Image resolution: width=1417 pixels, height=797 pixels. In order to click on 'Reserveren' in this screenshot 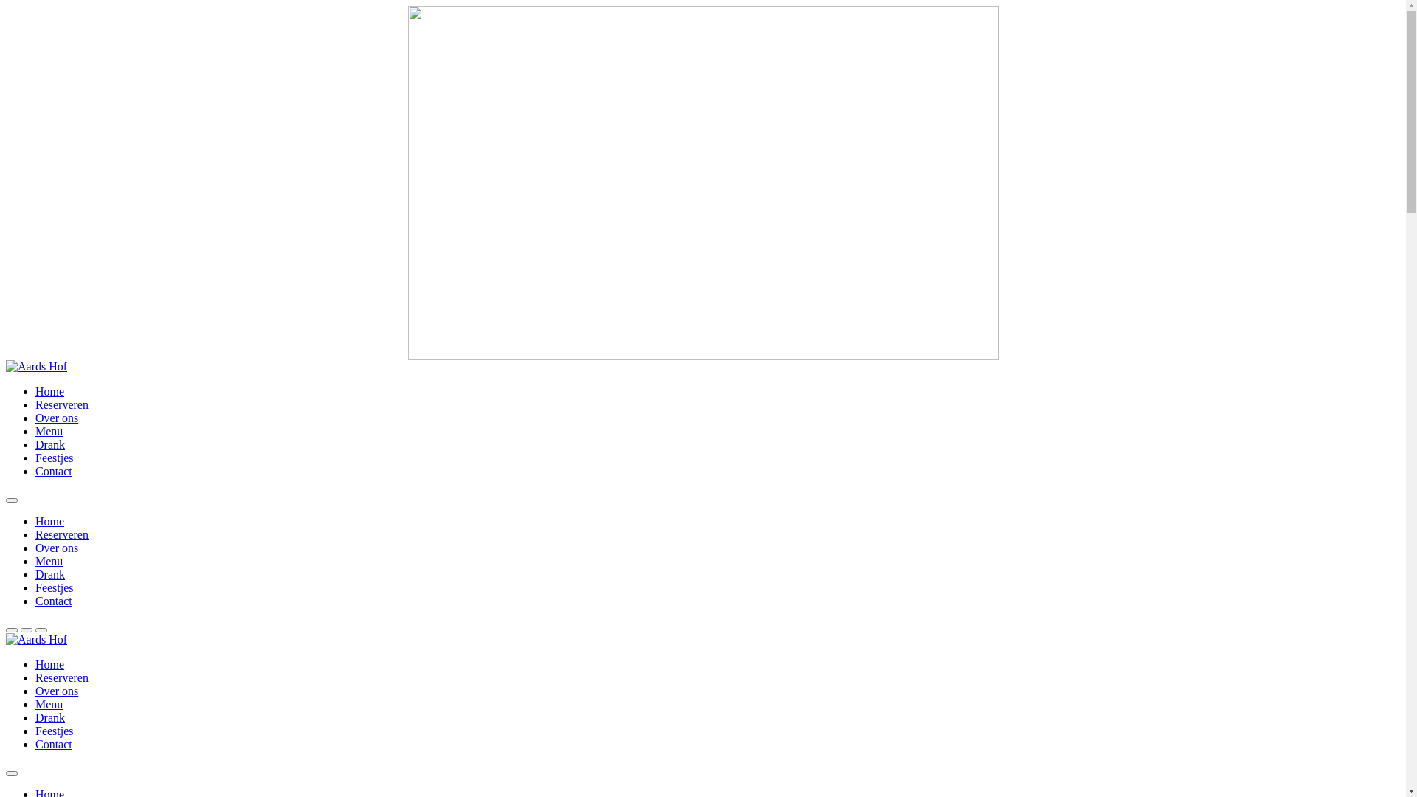, I will do `click(35, 677)`.